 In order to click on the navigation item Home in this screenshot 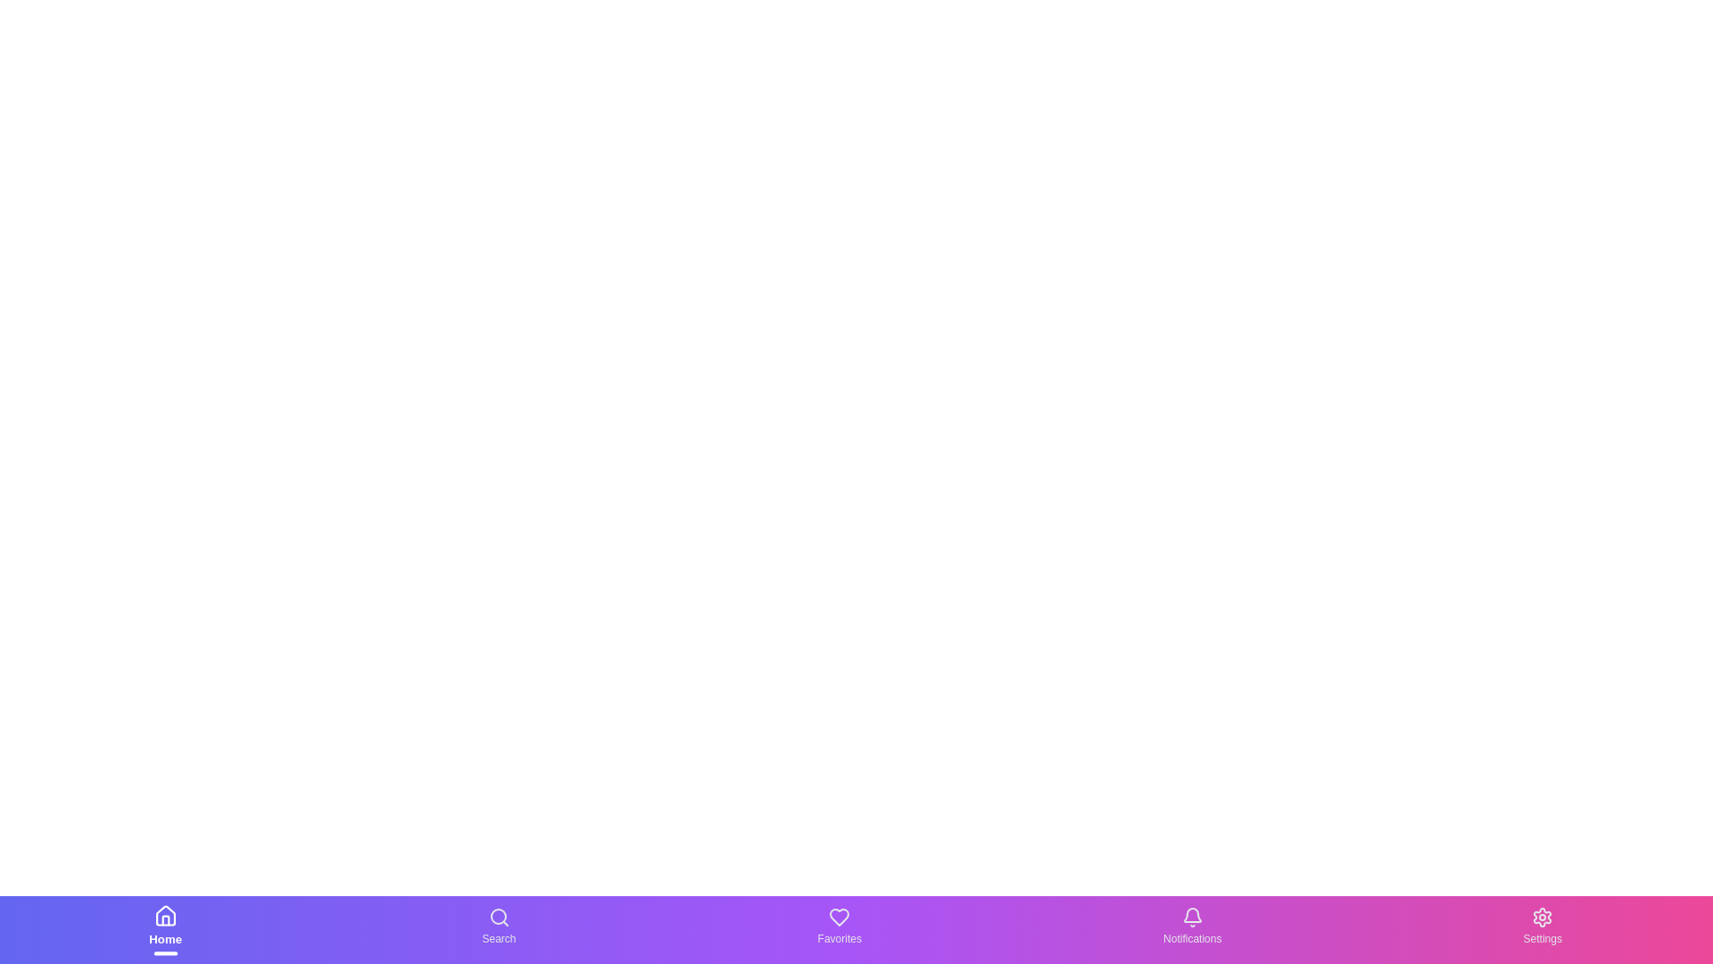, I will do `click(165, 928)`.